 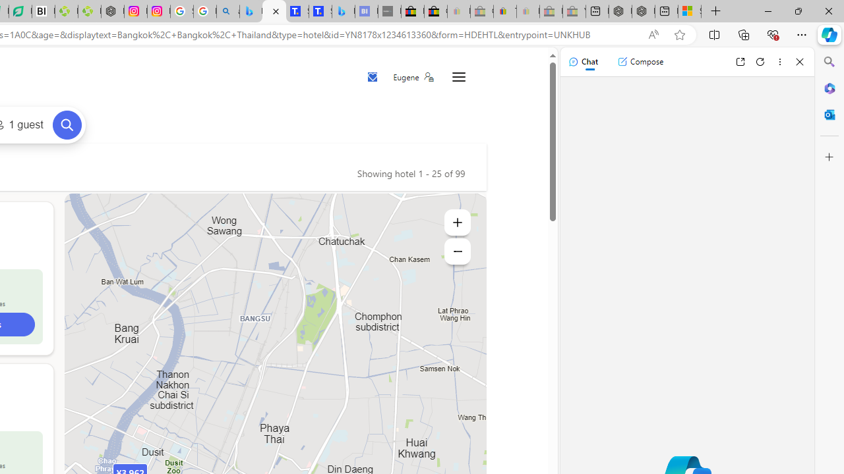 What do you see at coordinates (829, 114) in the screenshot?
I see `'Outlook'` at bounding box center [829, 114].